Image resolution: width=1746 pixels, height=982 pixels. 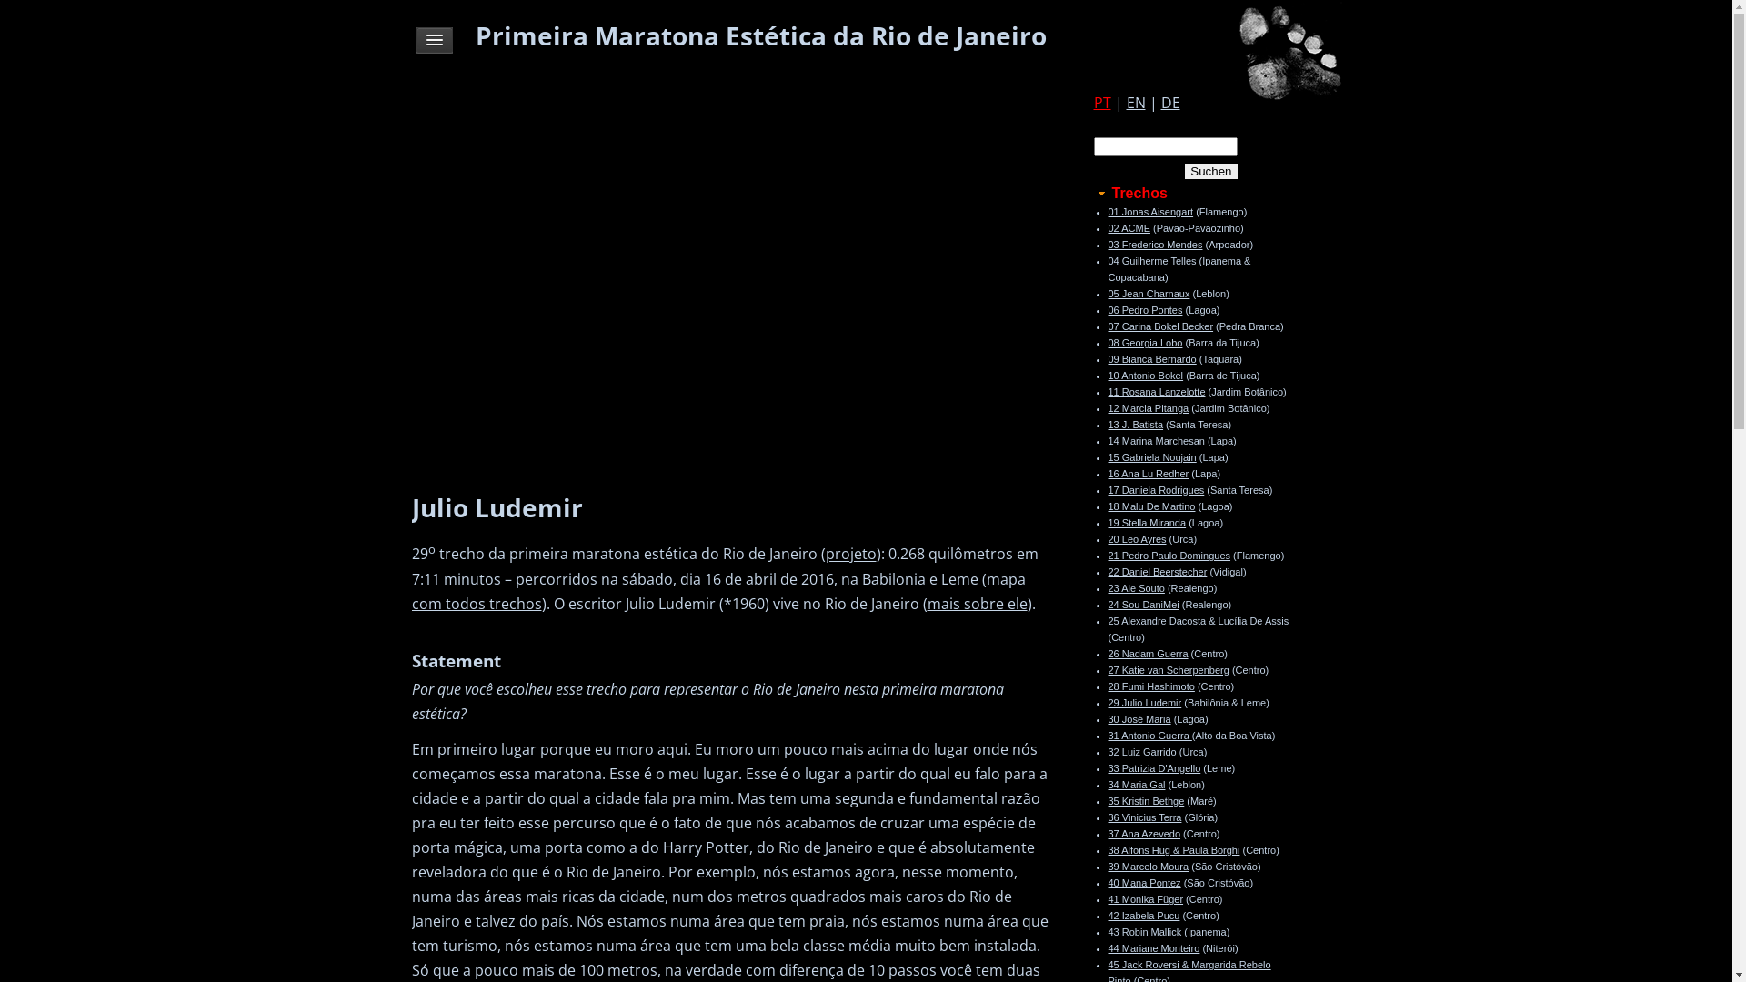 I want to click on '29 Julio Ludemir', so click(x=1107, y=701).